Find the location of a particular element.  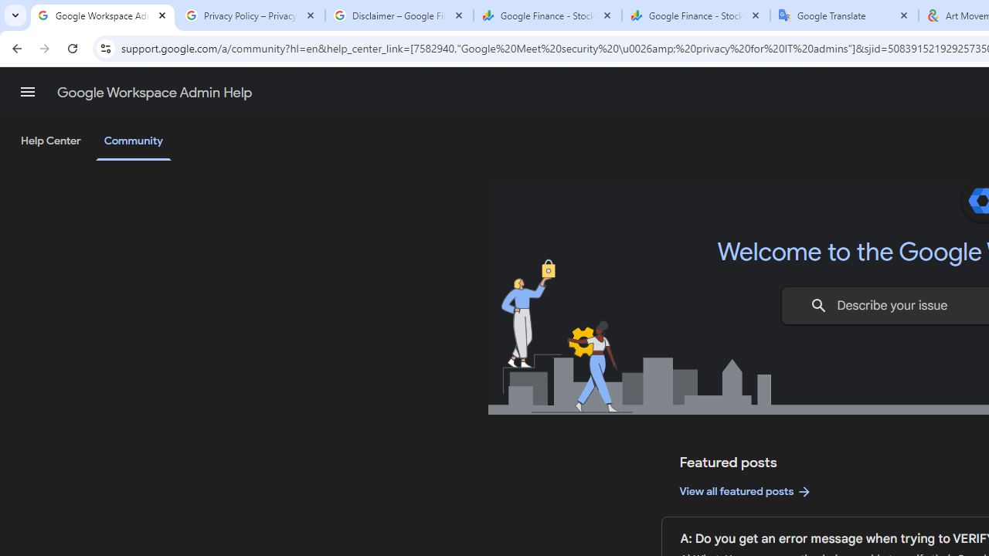

'View all featured posts' is located at coordinates (746, 491).